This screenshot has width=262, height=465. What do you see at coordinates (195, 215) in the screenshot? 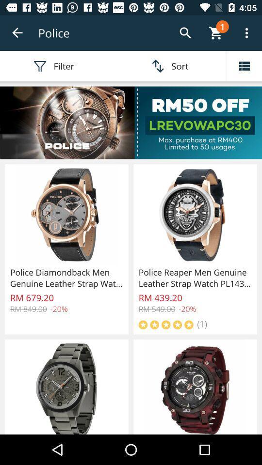
I see `the image above 43920` at bounding box center [195, 215].